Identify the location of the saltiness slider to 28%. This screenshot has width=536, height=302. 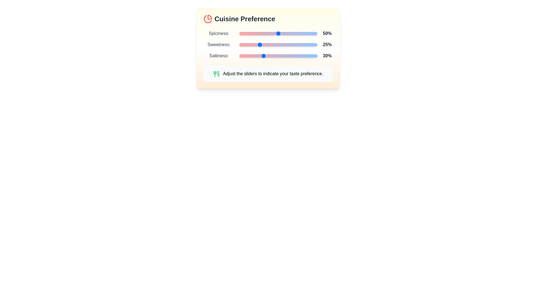
(260, 56).